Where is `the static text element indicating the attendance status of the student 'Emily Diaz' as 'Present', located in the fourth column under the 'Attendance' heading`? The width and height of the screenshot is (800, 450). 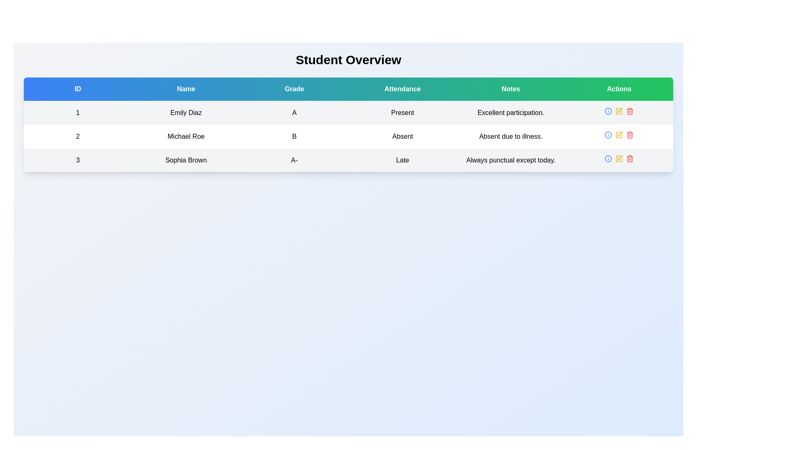
the static text element indicating the attendance status of the student 'Emily Diaz' as 'Present', located in the fourth column under the 'Attendance' heading is located at coordinates (402, 112).